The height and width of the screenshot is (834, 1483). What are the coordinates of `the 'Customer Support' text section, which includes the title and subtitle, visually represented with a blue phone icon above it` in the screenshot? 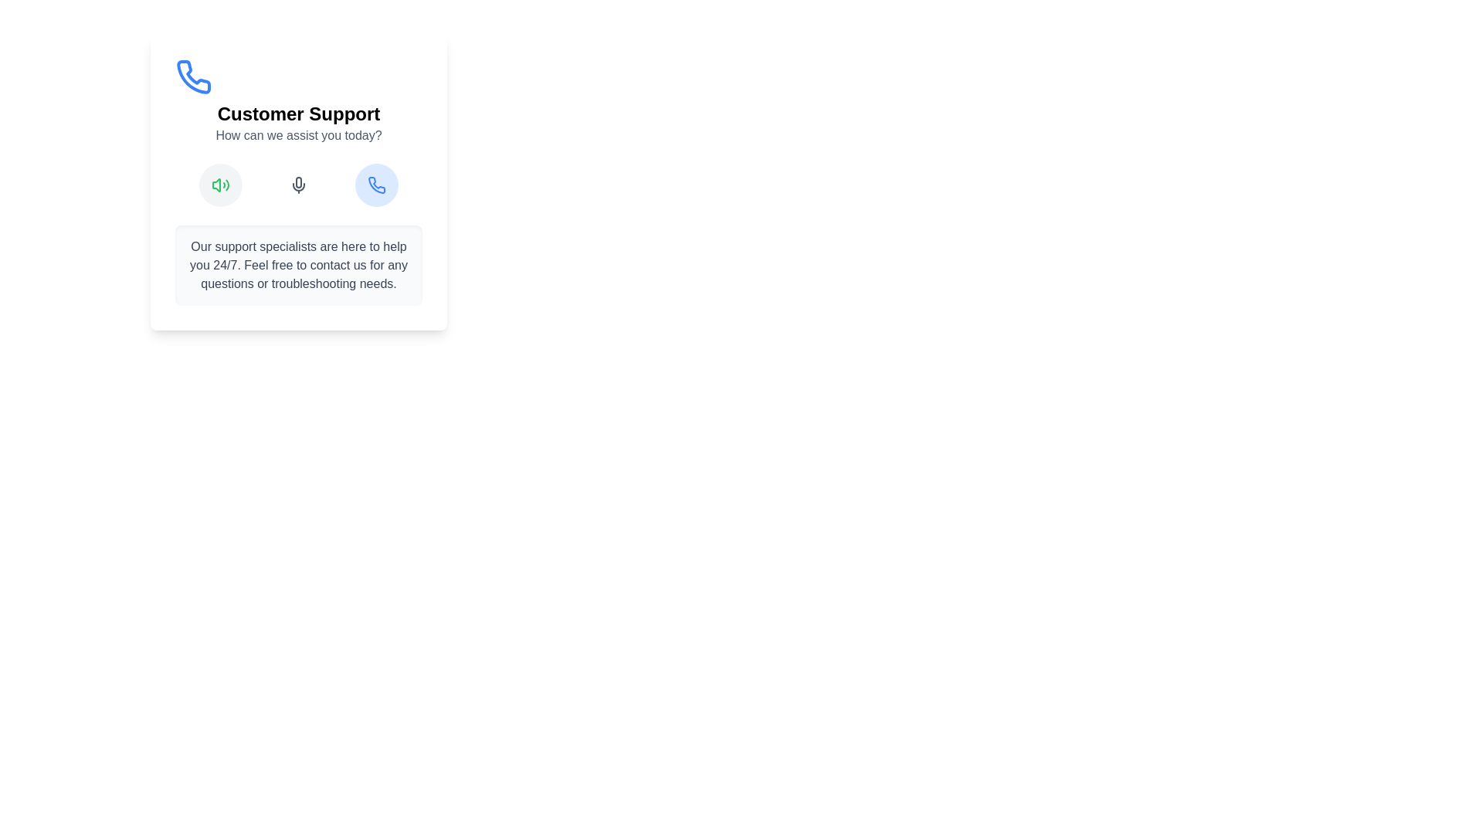 It's located at (299, 101).